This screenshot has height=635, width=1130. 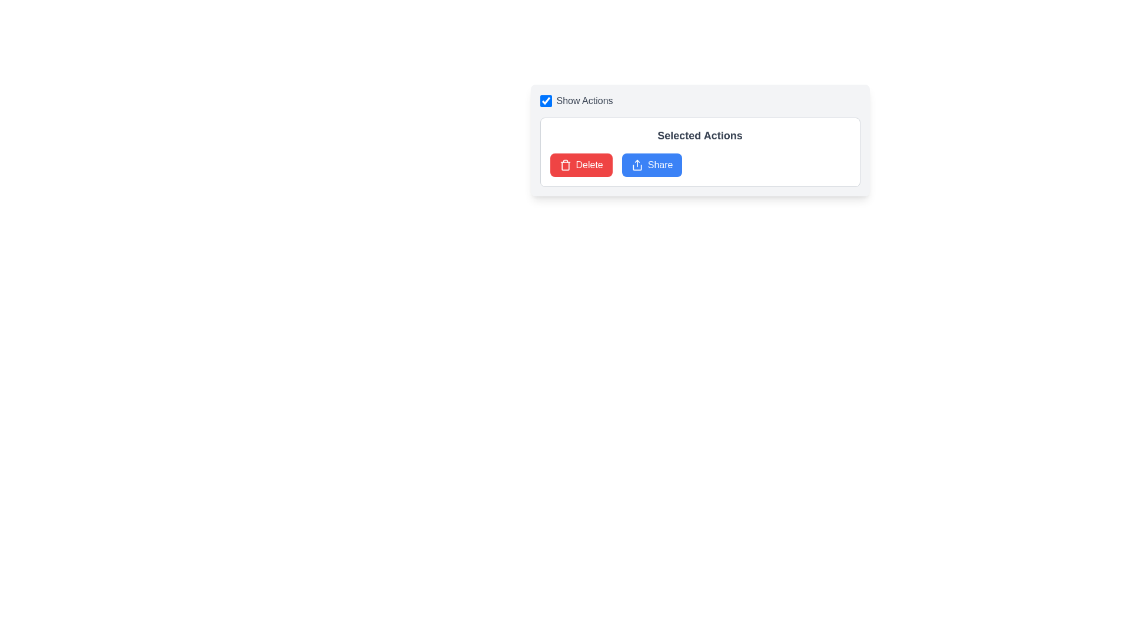 I want to click on the trash can icon, which is a part of the 'Delete' button next to the text 'Delete' within the 'Selected Actions' section, so click(x=565, y=165).